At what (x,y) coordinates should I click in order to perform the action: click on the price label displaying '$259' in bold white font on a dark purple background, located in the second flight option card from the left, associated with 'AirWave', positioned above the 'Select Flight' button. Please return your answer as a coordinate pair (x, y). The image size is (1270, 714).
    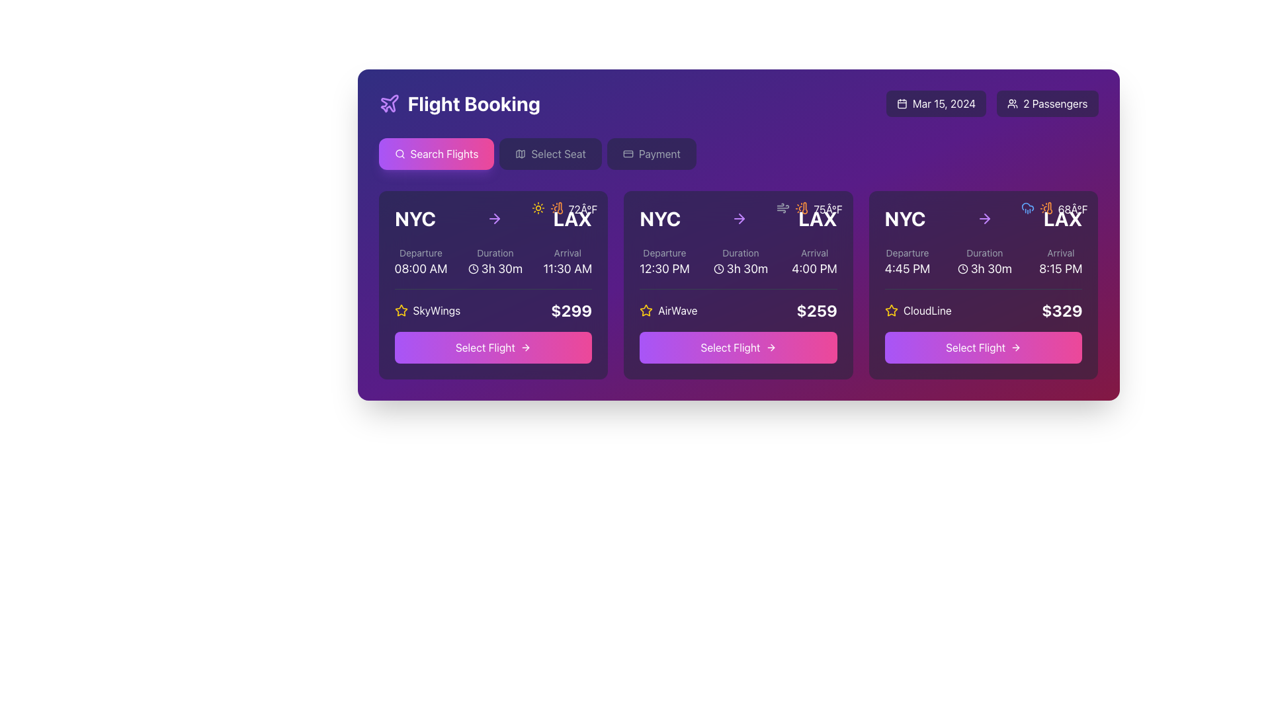
    Looking at the image, I should click on (816, 311).